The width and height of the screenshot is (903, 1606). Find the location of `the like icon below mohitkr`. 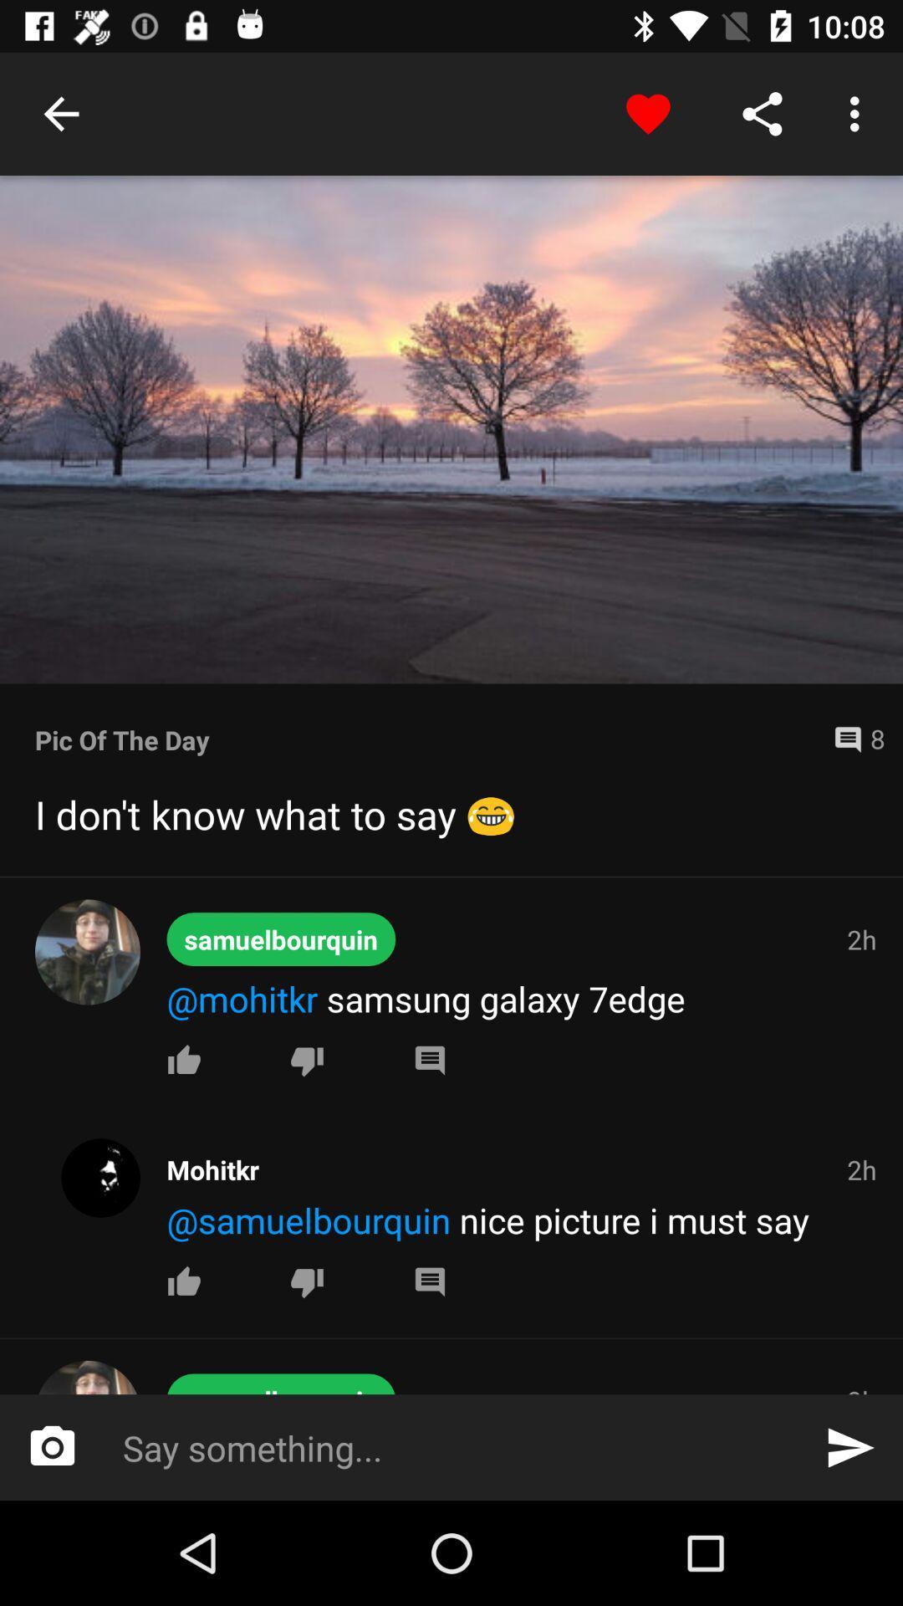

the like icon below mohitkr is located at coordinates (184, 1059).